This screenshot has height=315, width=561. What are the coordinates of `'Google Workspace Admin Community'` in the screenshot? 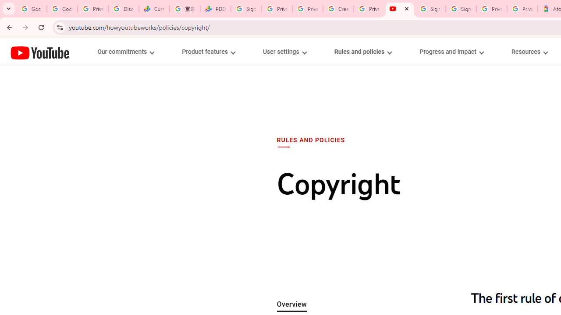 It's located at (32, 9).